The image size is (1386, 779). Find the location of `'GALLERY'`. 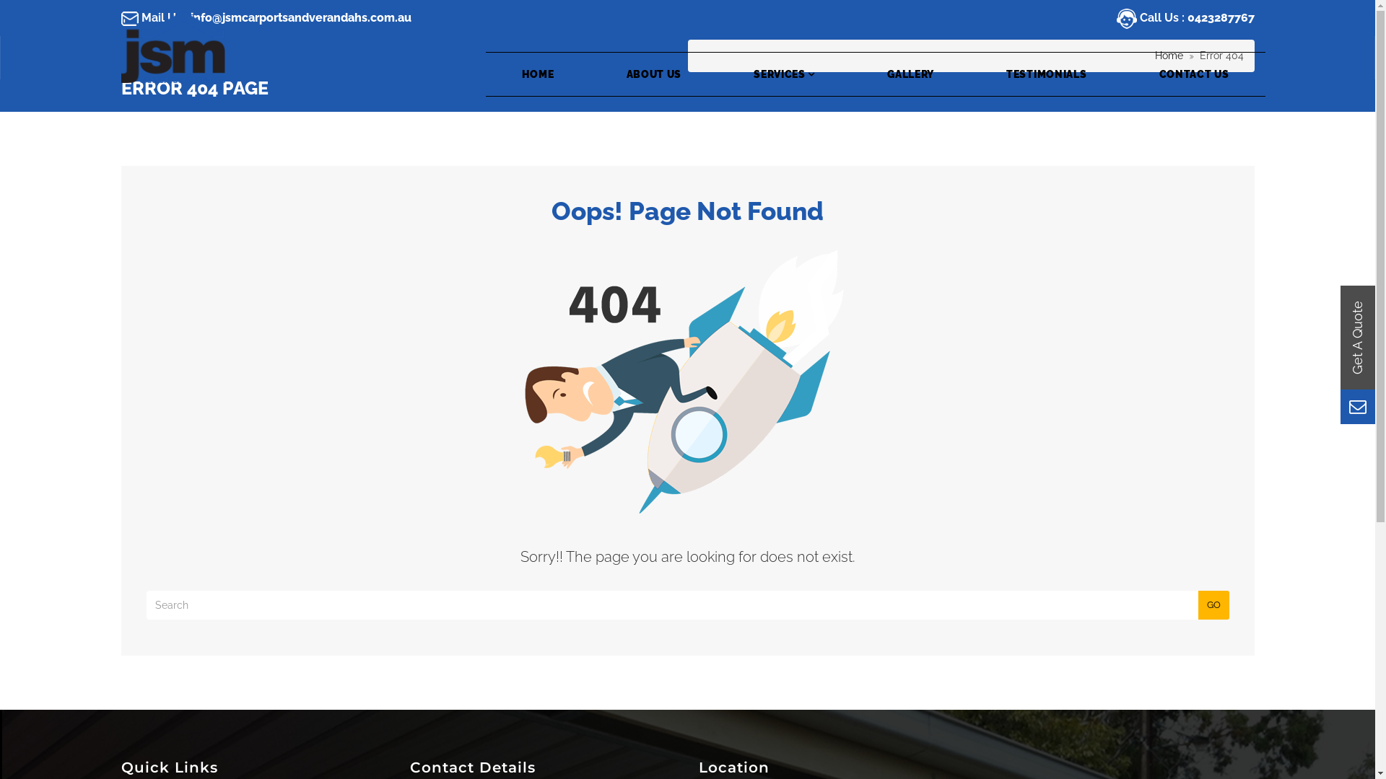

'GALLERY' is located at coordinates (851, 74).